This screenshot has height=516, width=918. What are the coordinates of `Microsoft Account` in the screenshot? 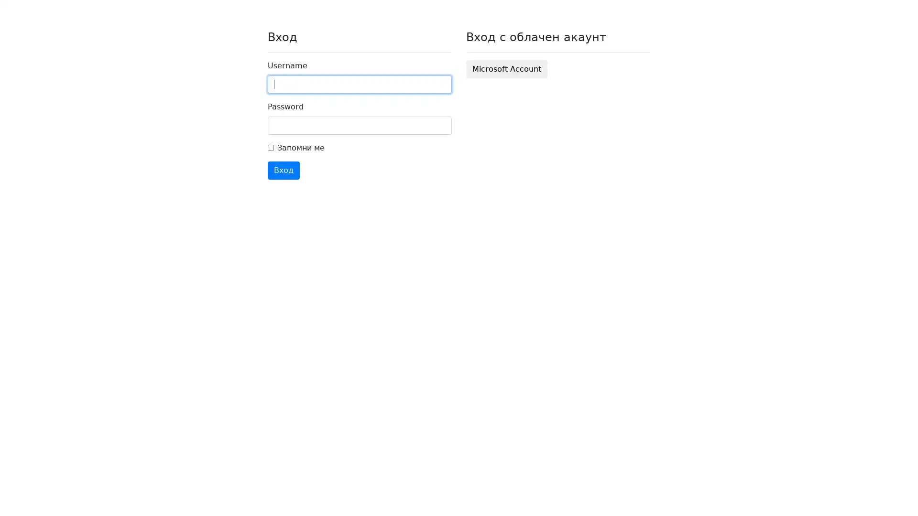 It's located at (506, 68).